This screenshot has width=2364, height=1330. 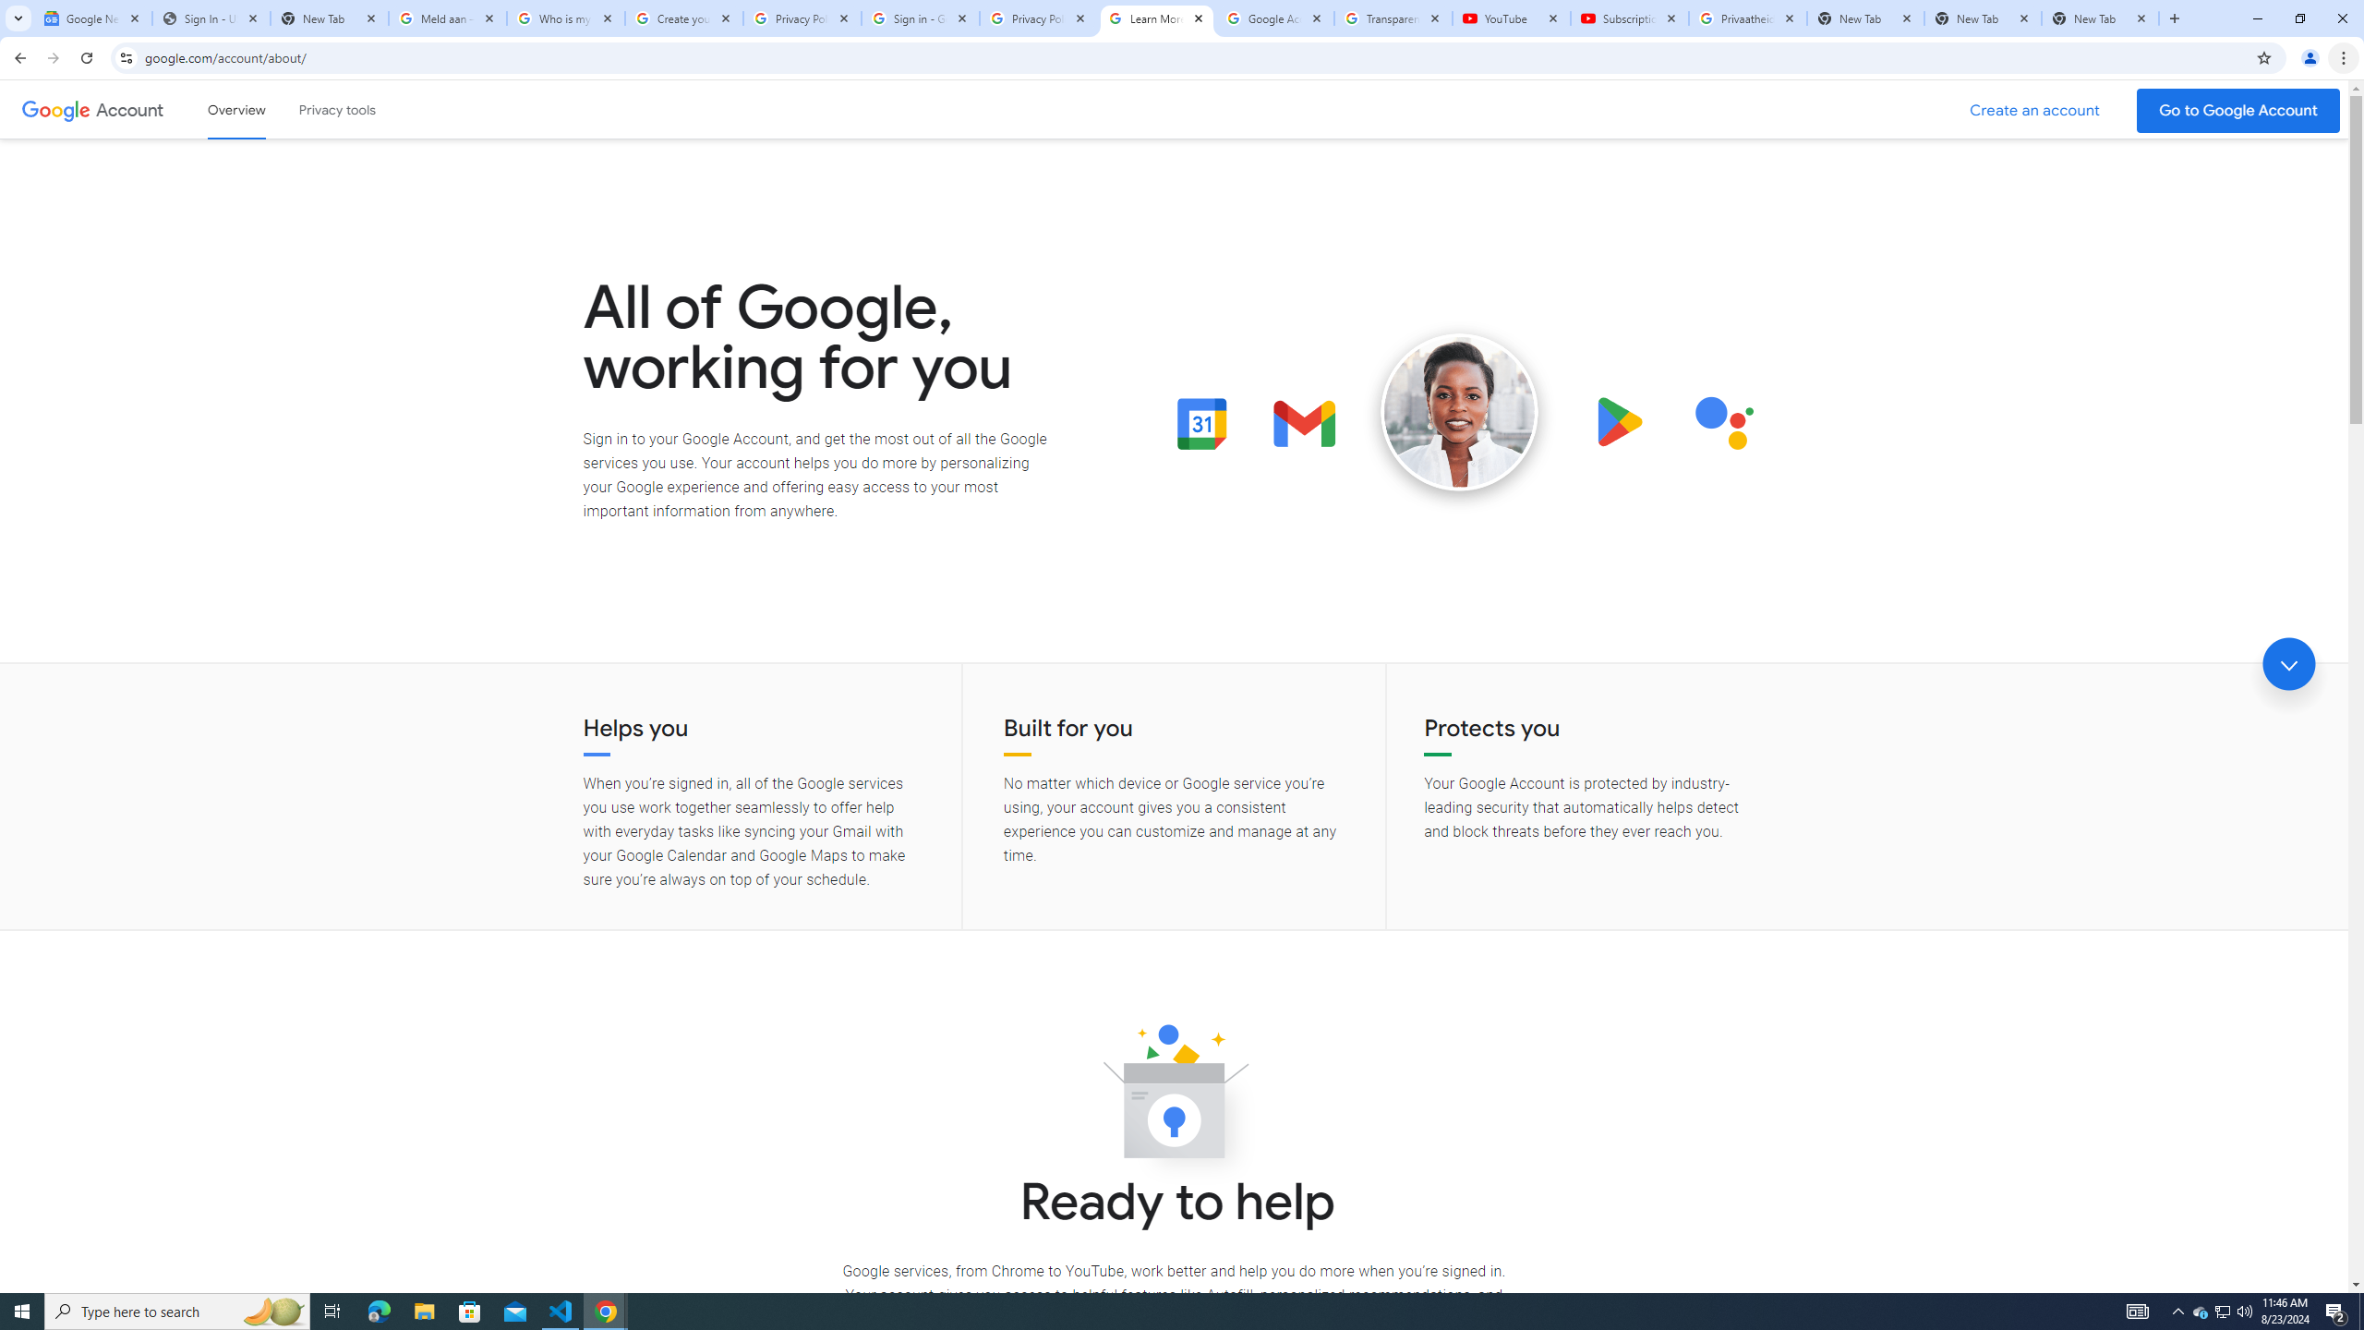 What do you see at coordinates (684, 18) in the screenshot?
I see `'Create your Google Account'` at bounding box center [684, 18].